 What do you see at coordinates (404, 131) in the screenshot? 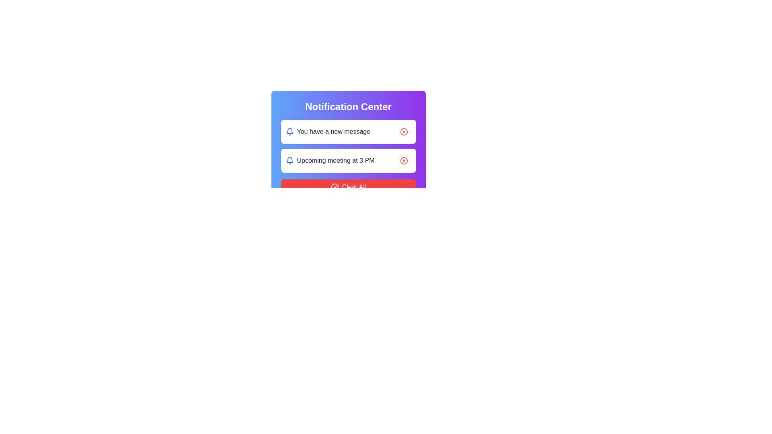
I see `the close icon located on the right side of the first notification message in the 'Notification Center', adjacent to the text 'You have a new message'` at bounding box center [404, 131].